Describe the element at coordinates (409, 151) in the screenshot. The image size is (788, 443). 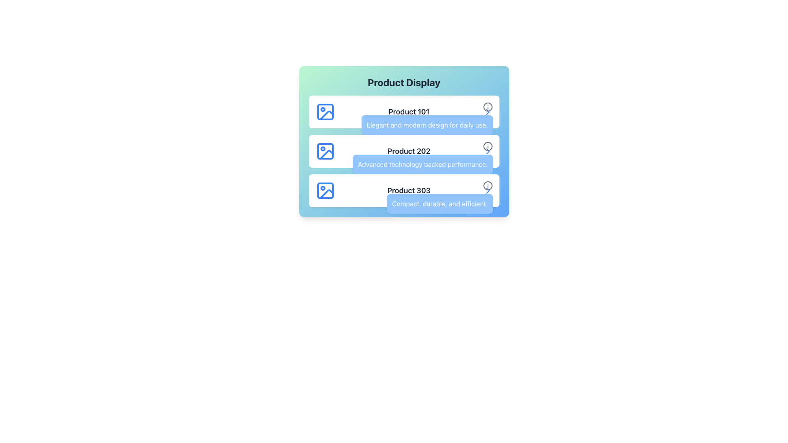
I see `the text label displaying the name of the specific product in the second product card, enhancing clarity and identification` at that location.